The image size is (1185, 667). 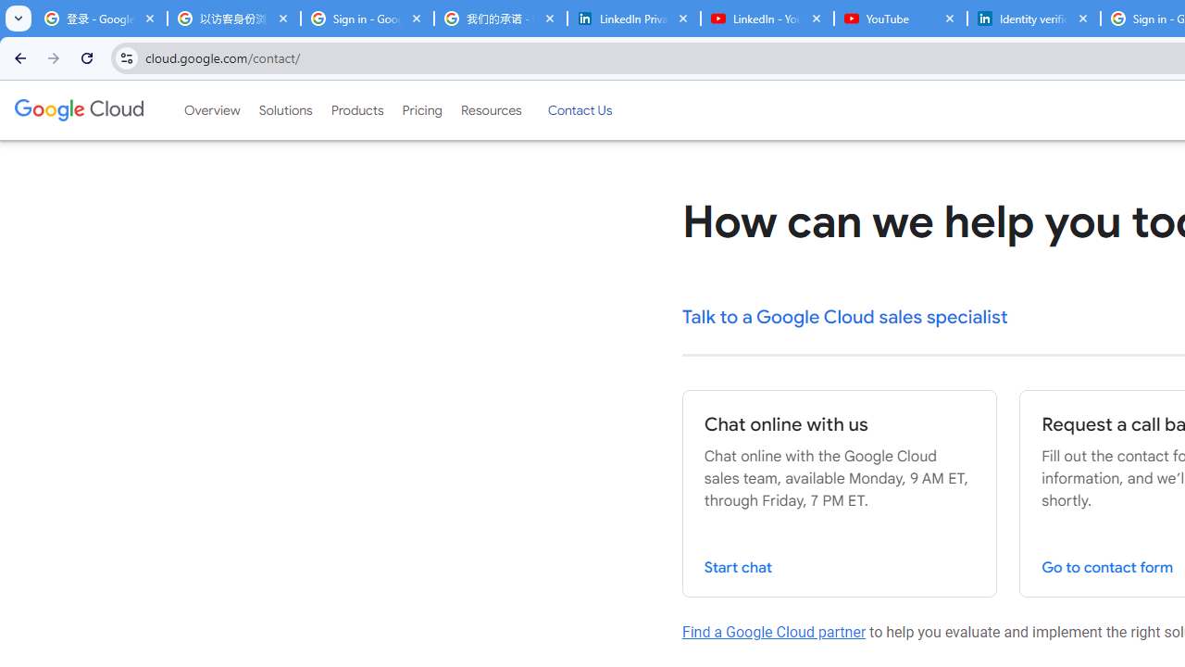 What do you see at coordinates (284, 110) in the screenshot?
I see `'Solutions'` at bounding box center [284, 110].